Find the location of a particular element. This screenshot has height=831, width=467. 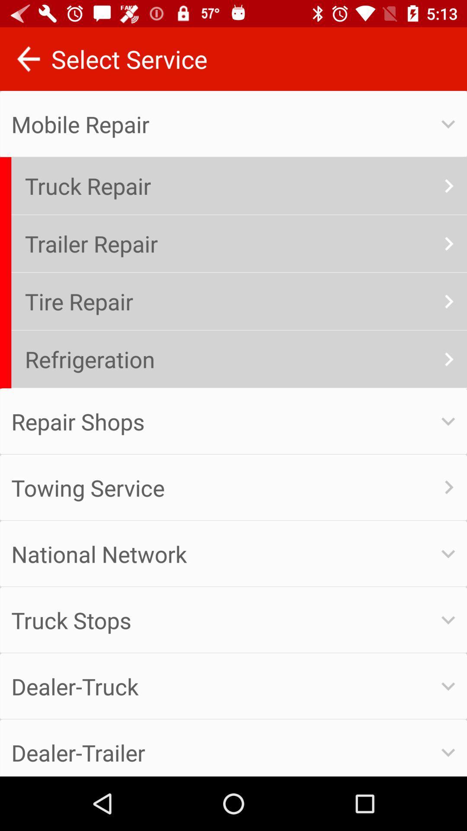

drop down right to dealertruck is located at coordinates (448, 686).